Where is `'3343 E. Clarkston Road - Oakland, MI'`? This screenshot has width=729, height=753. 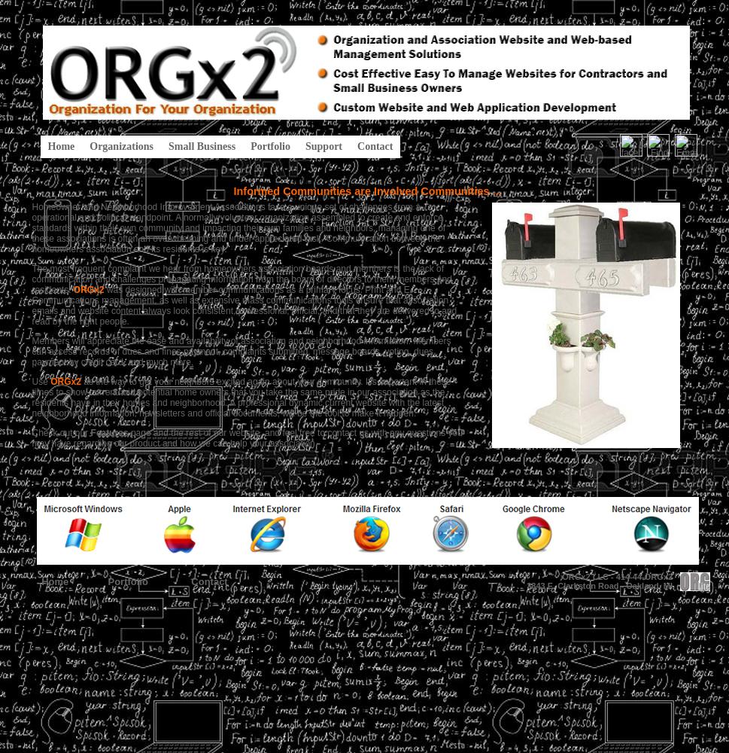
'3343 E. Clarkston Road - Oakland, MI' is located at coordinates (600, 586).